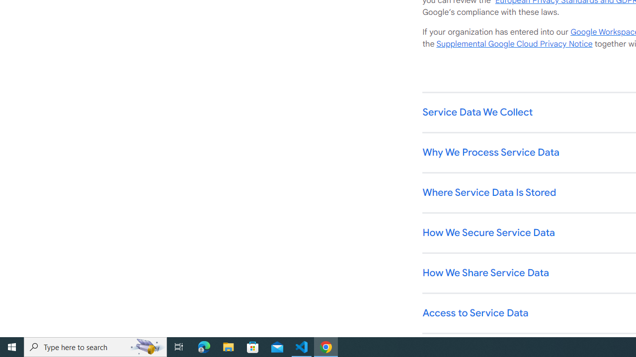 The height and width of the screenshot is (357, 636). What do you see at coordinates (514, 44) in the screenshot?
I see `'Supplemental Google Cloud Privacy Notice'` at bounding box center [514, 44].